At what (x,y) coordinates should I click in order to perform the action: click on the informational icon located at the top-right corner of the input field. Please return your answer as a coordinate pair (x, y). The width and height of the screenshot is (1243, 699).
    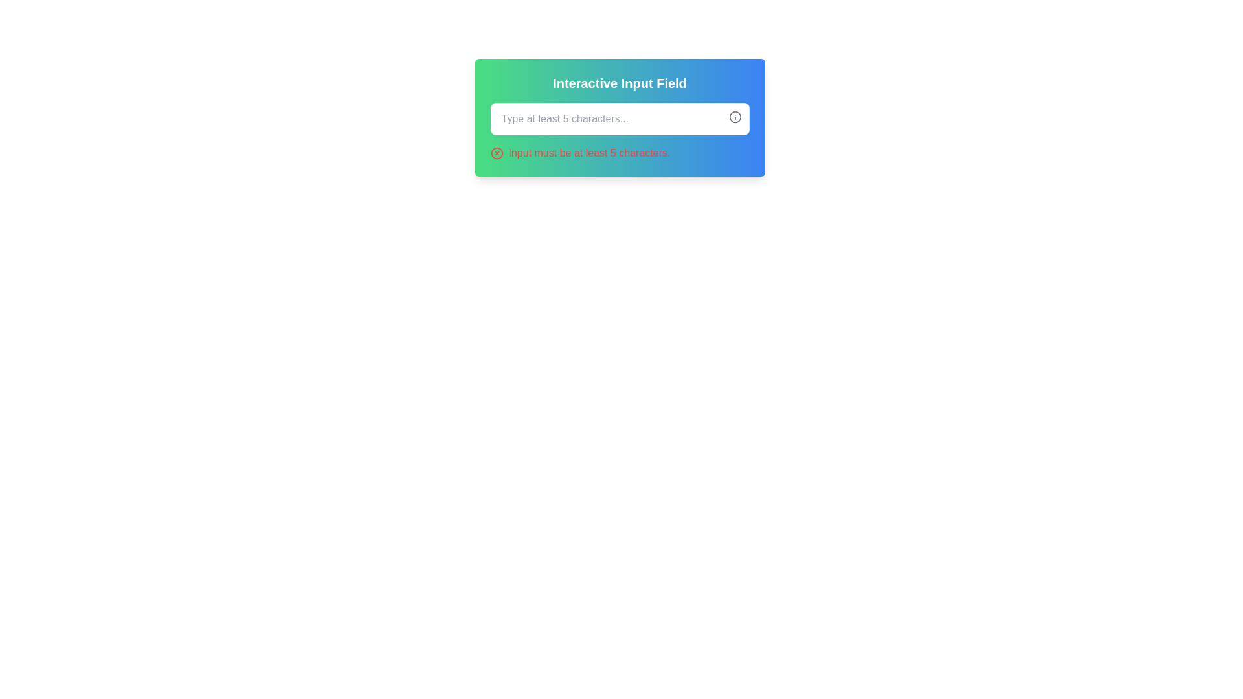
    Looking at the image, I should click on (735, 117).